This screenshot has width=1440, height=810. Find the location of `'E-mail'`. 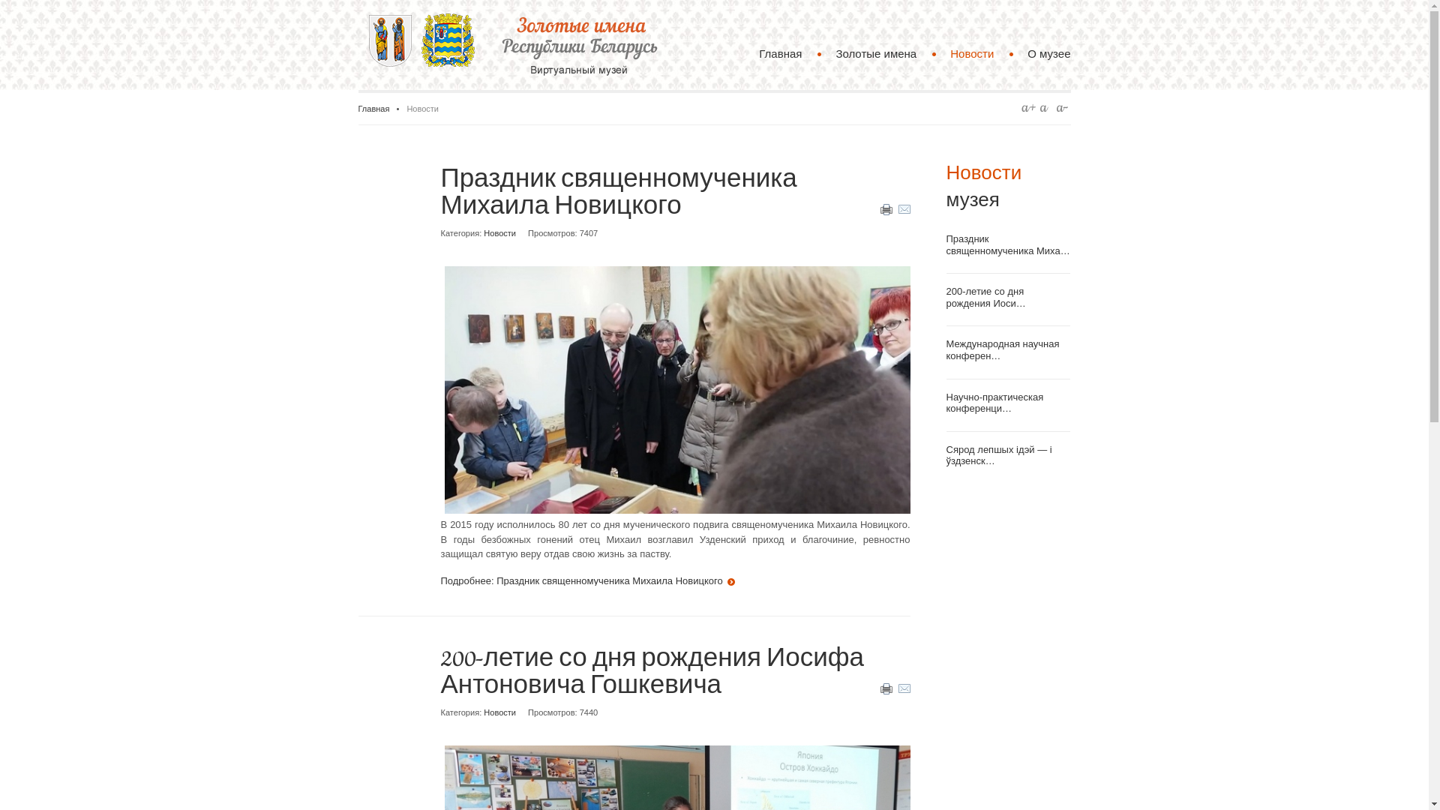

'E-mail' is located at coordinates (903, 691).